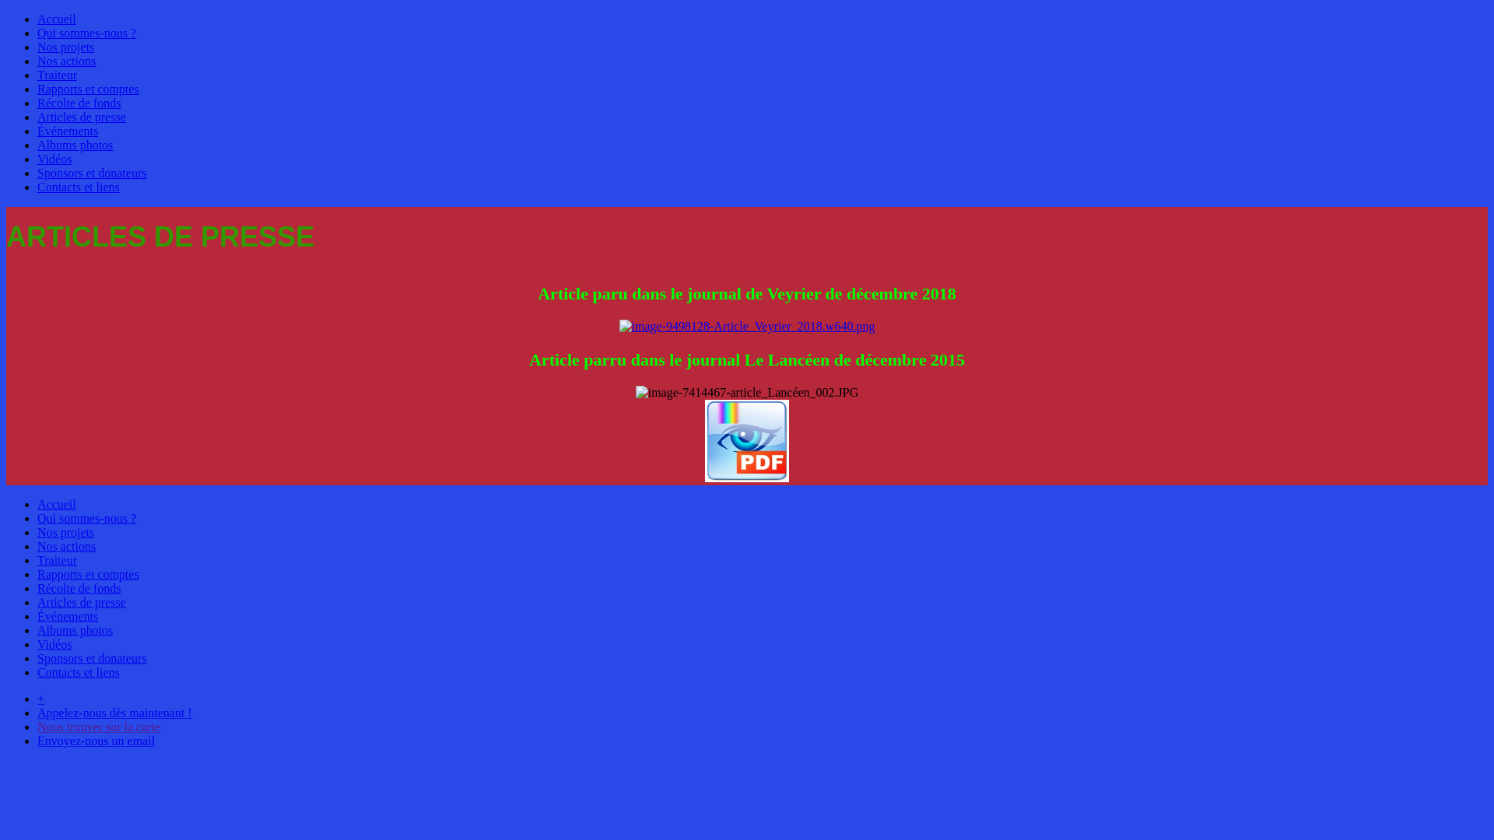 This screenshot has height=840, width=1494. I want to click on 'Albums photos', so click(74, 145).